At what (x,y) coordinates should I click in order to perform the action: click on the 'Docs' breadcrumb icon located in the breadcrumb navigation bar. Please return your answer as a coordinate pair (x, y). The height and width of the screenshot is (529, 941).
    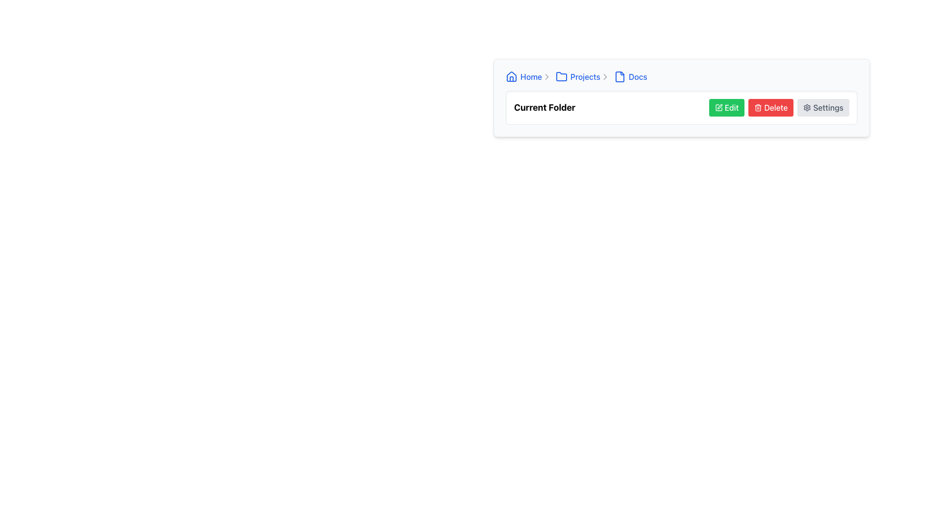
    Looking at the image, I should click on (619, 76).